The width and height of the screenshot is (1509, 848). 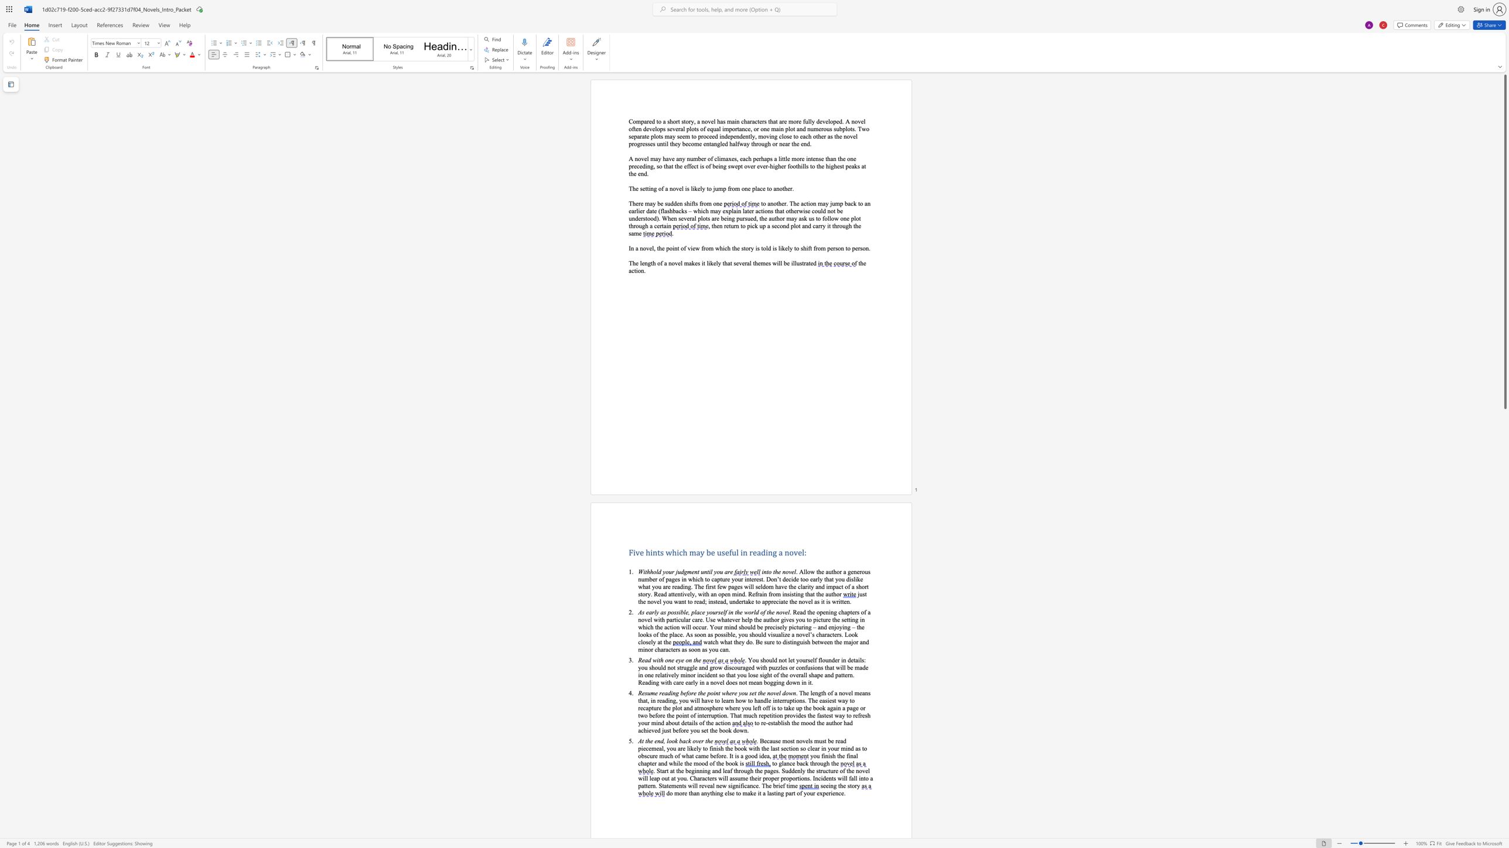 What do you see at coordinates (642, 188) in the screenshot?
I see `the space between the continuous character "s" and "e" in the text` at bounding box center [642, 188].